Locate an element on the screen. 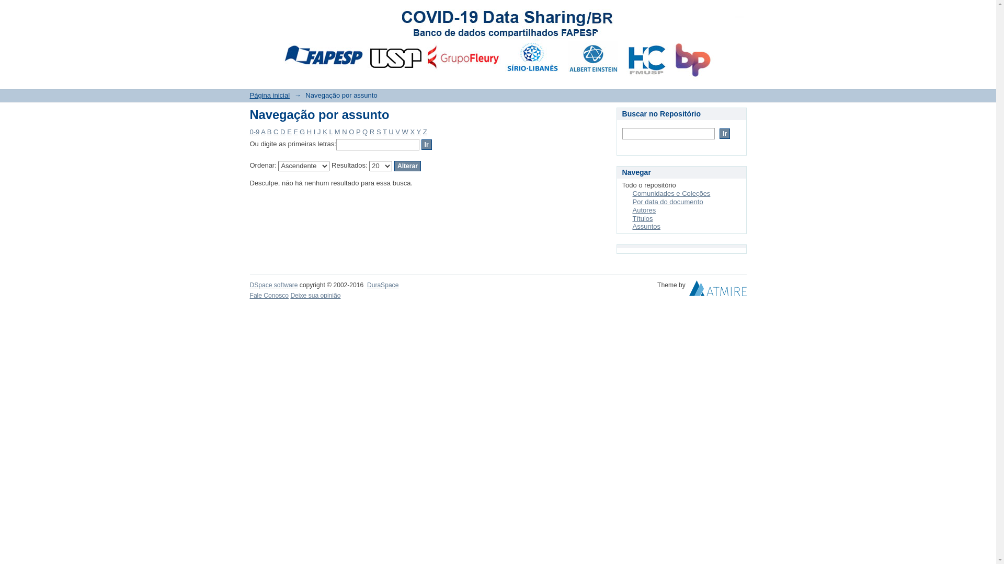  'L' is located at coordinates (330, 131).